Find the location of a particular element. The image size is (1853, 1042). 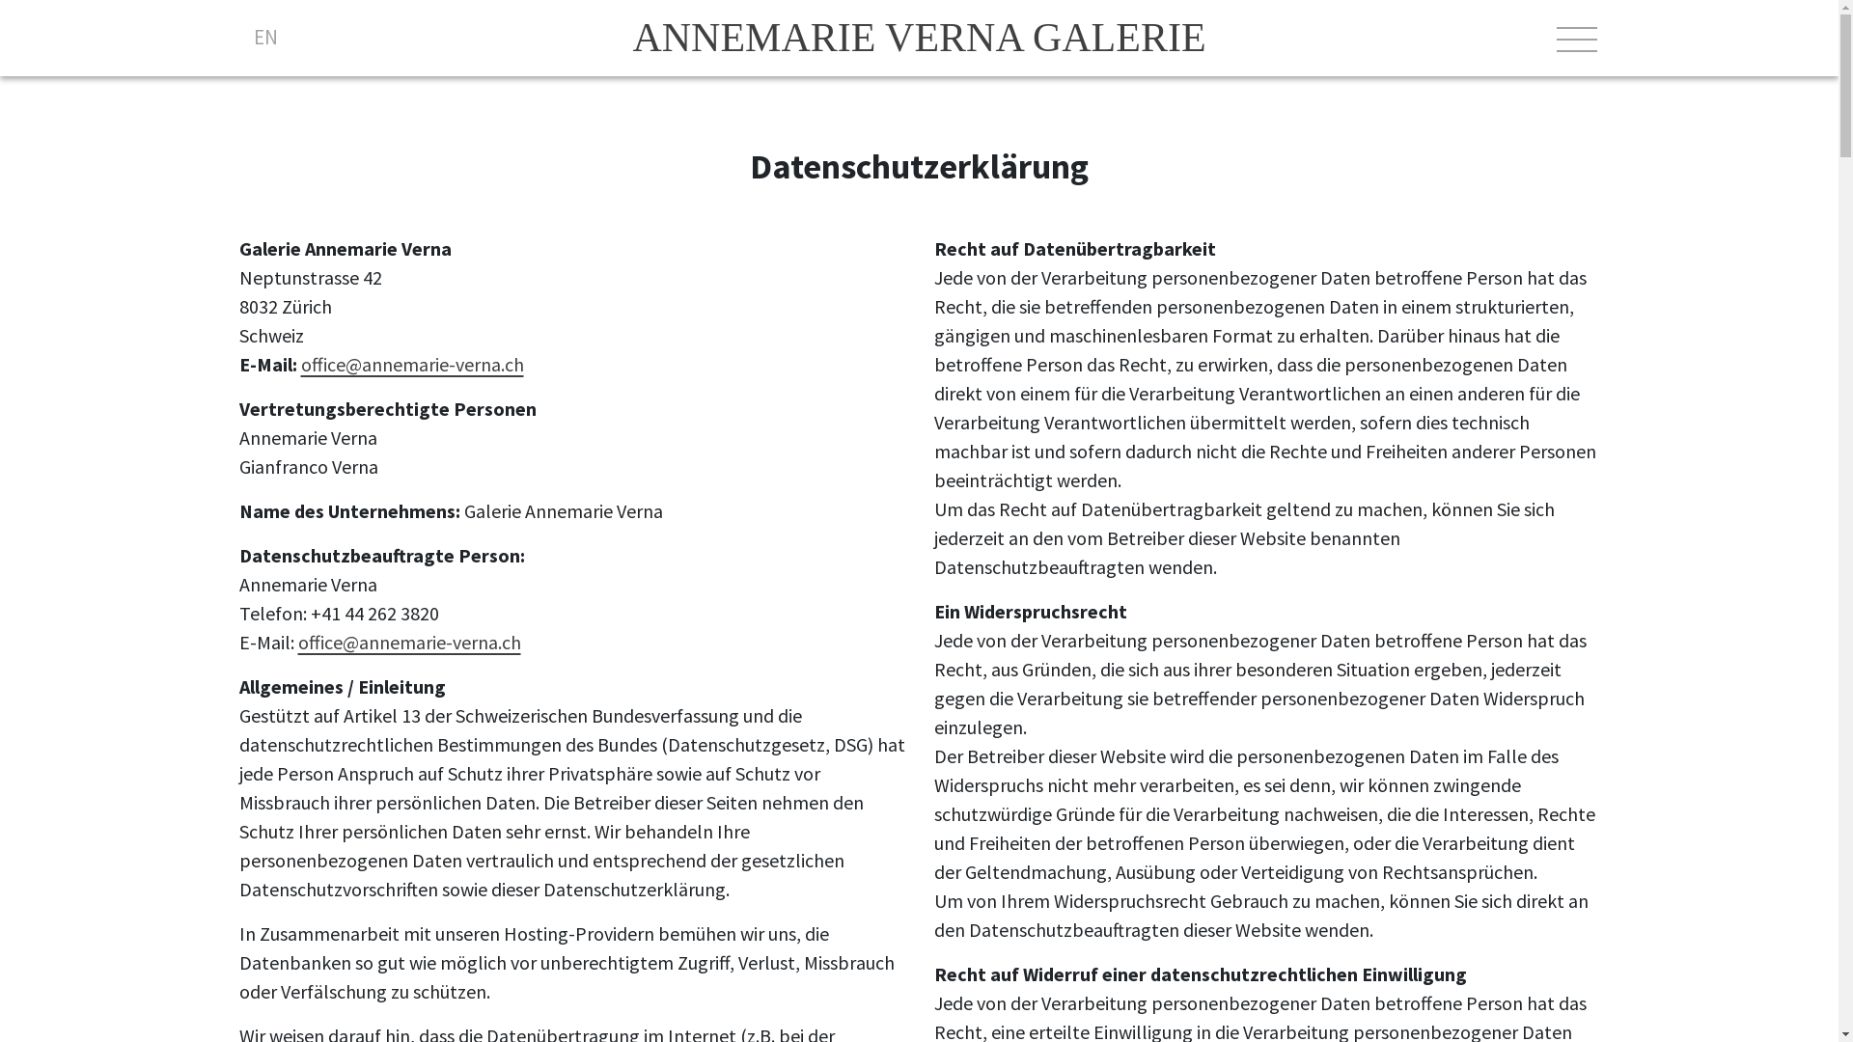

'office@annemarie-verna.ch' is located at coordinates (407, 642).